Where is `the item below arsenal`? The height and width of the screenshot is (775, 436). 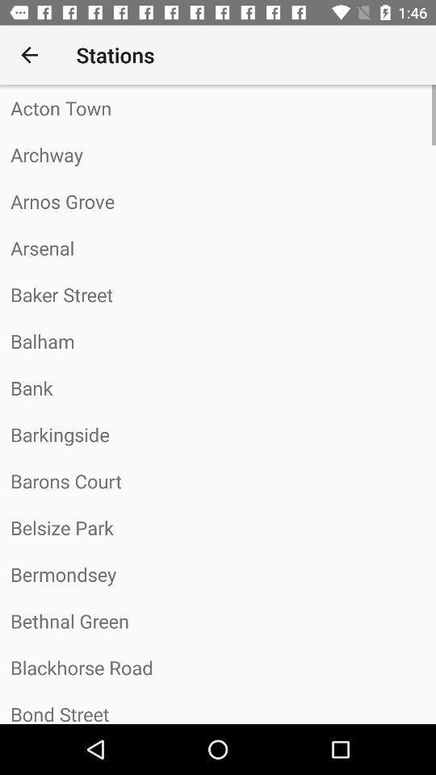
the item below arsenal is located at coordinates (218, 294).